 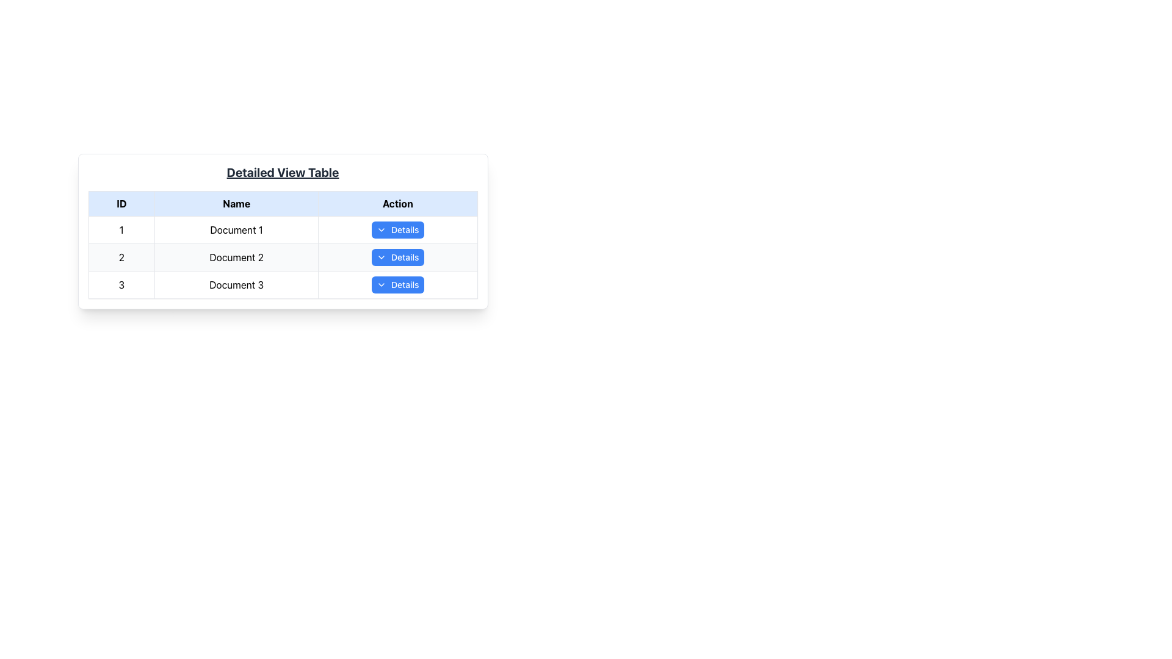 What do you see at coordinates (381, 284) in the screenshot?
I see `the downward-pointing chevron icon inside the 'Details' button in the last row of the 'Detailed View Table'` at bounding box center [381, 284].